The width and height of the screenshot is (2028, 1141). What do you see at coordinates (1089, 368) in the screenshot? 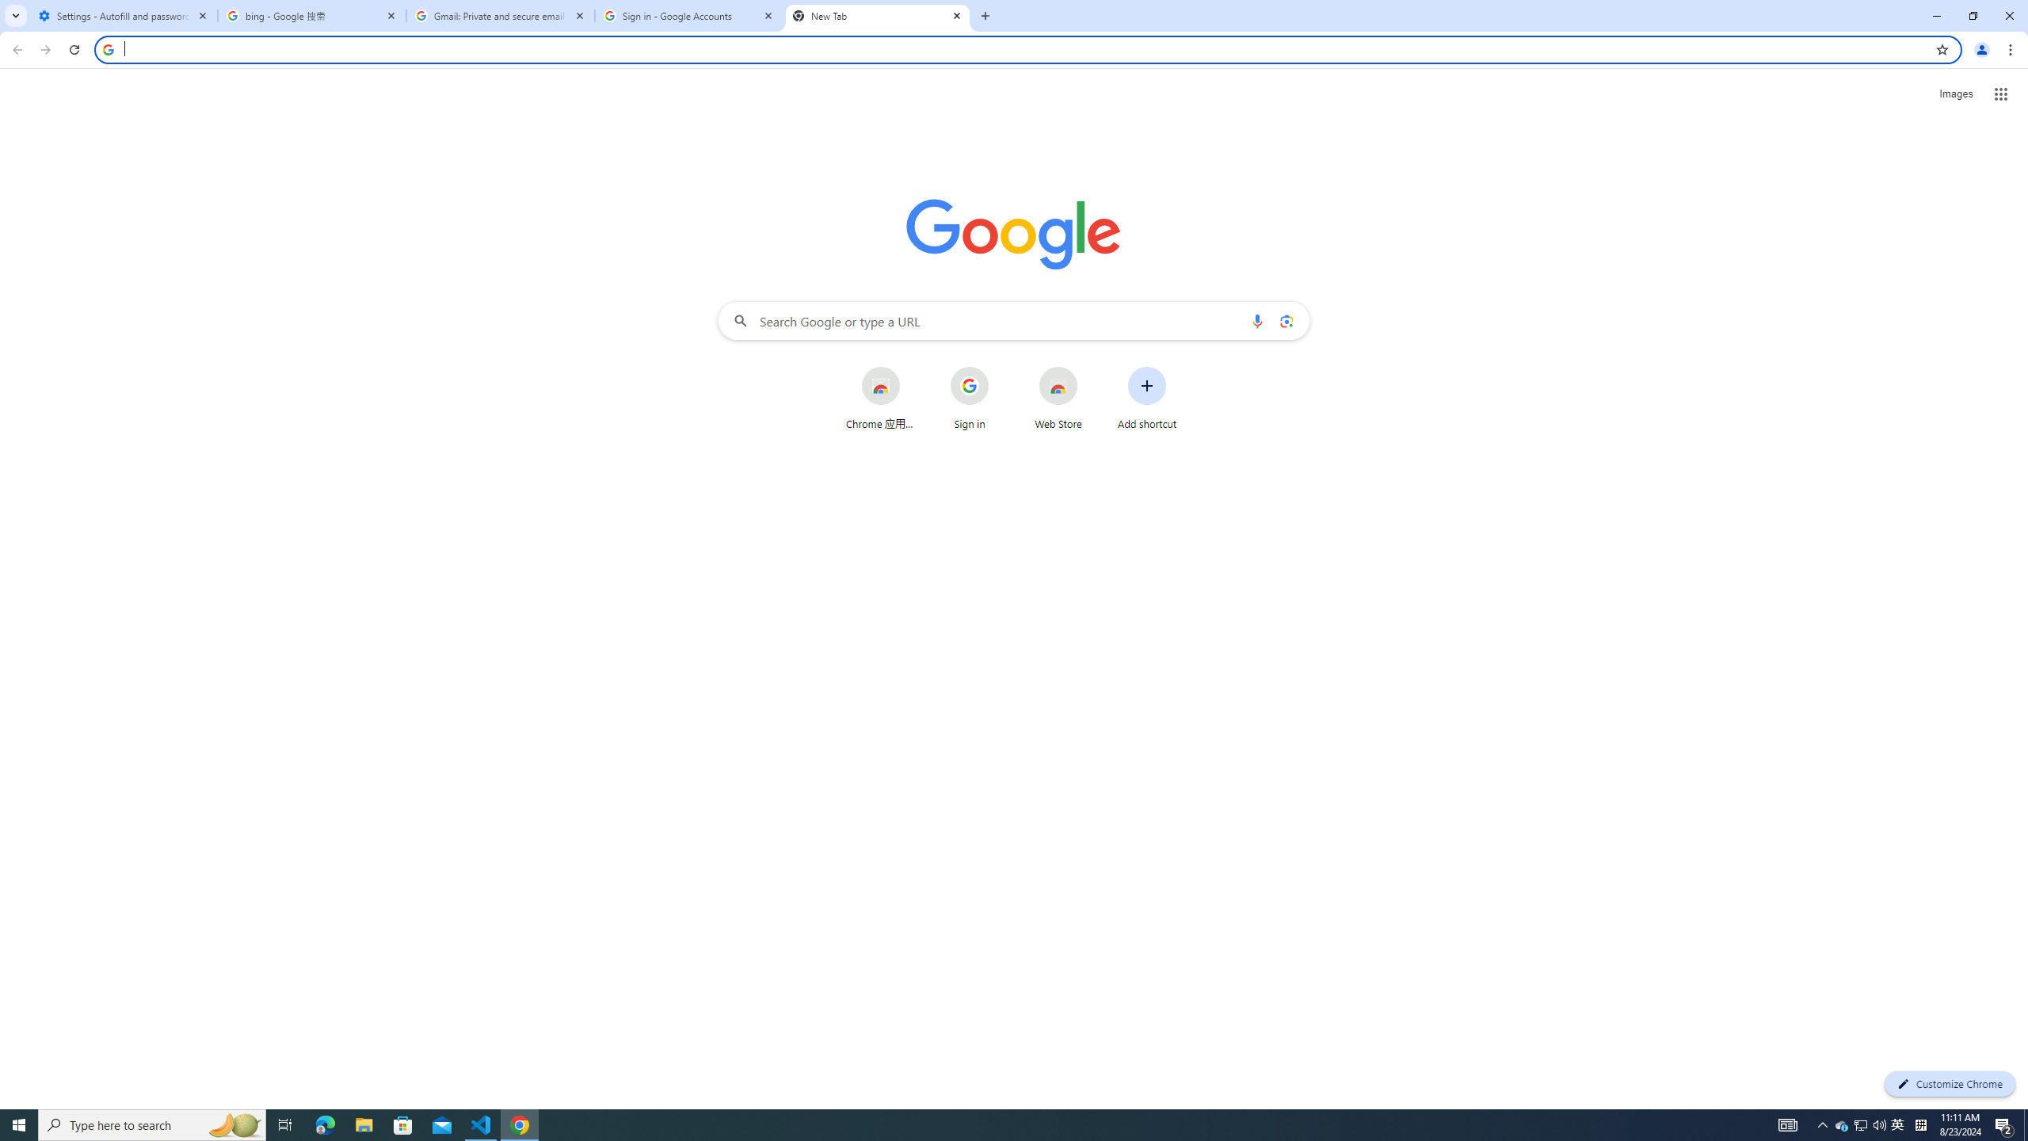
I see `'More actions for Web Store shortcut'` at bounding box center [1089, 368].